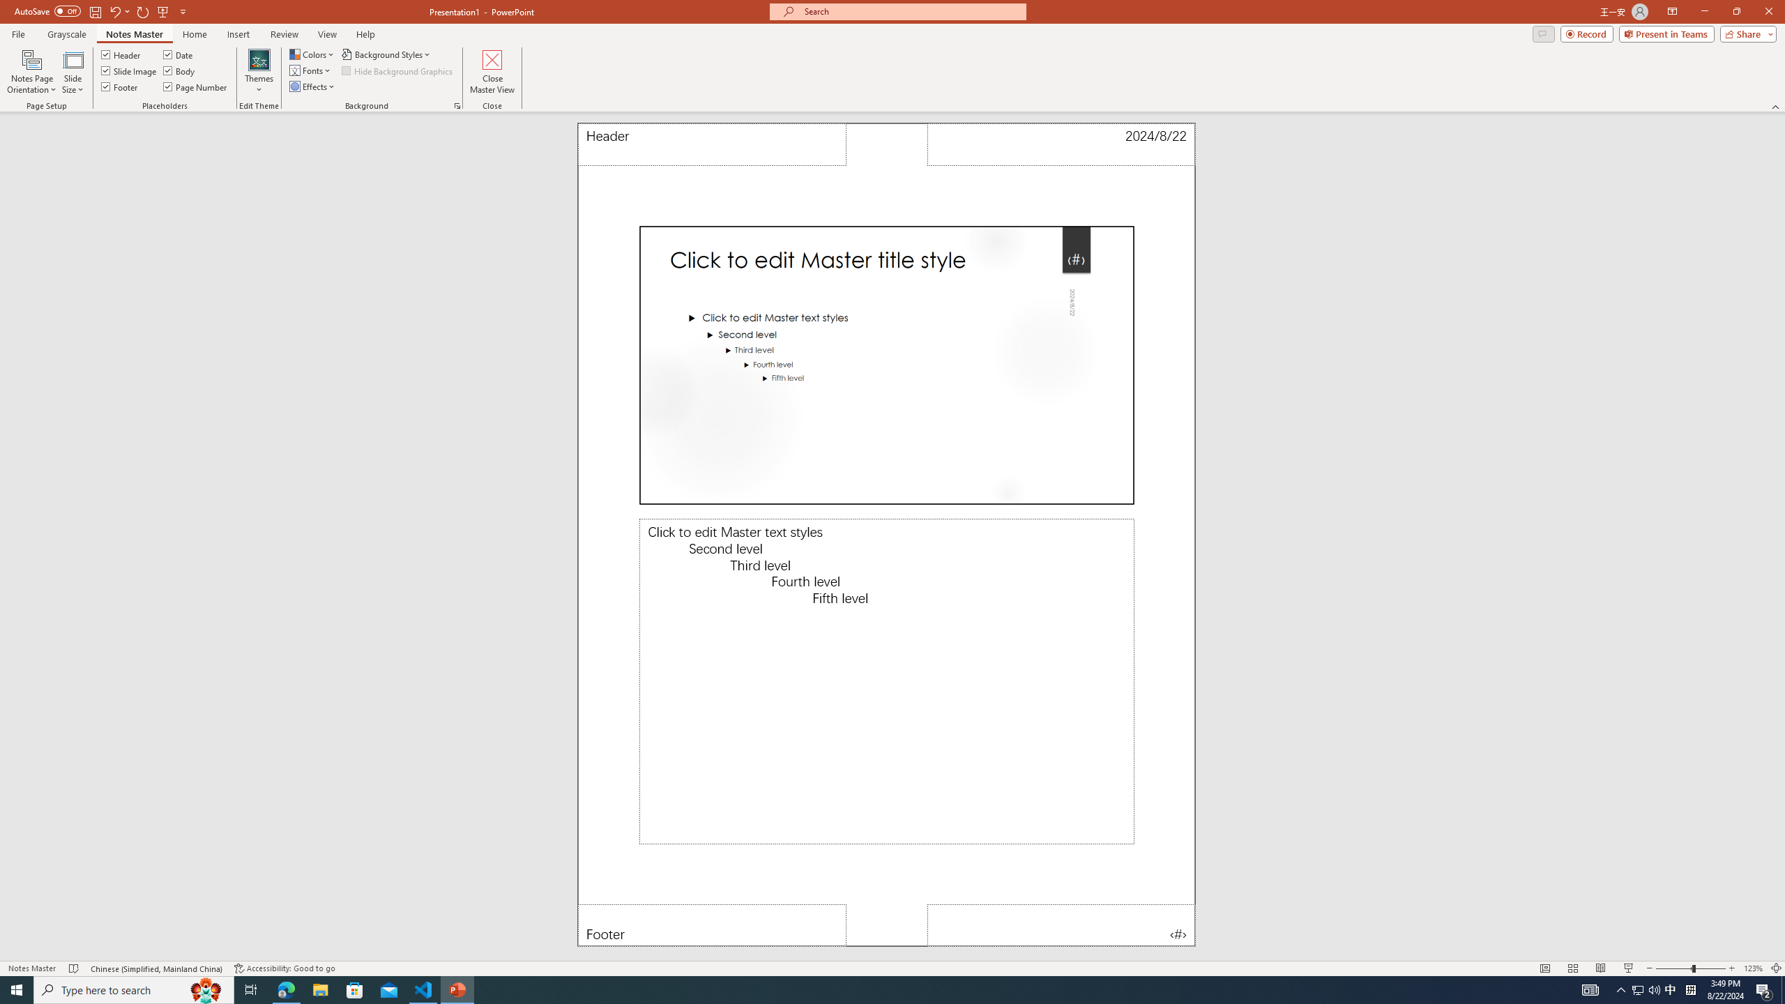  Describe the element at coordinates (284, 968) in the screenshot. I see `'Accessibility Checker Accessibility: Good to go'` at that location.